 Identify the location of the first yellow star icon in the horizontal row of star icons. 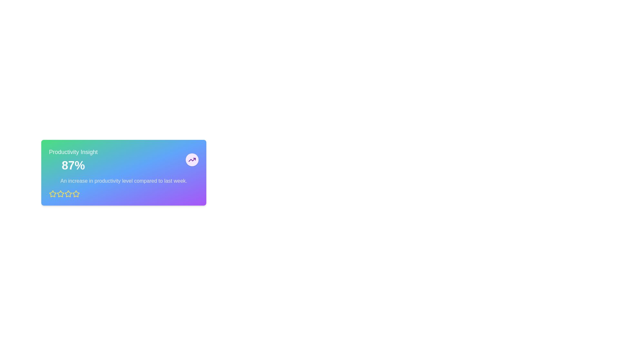
(53, 193).